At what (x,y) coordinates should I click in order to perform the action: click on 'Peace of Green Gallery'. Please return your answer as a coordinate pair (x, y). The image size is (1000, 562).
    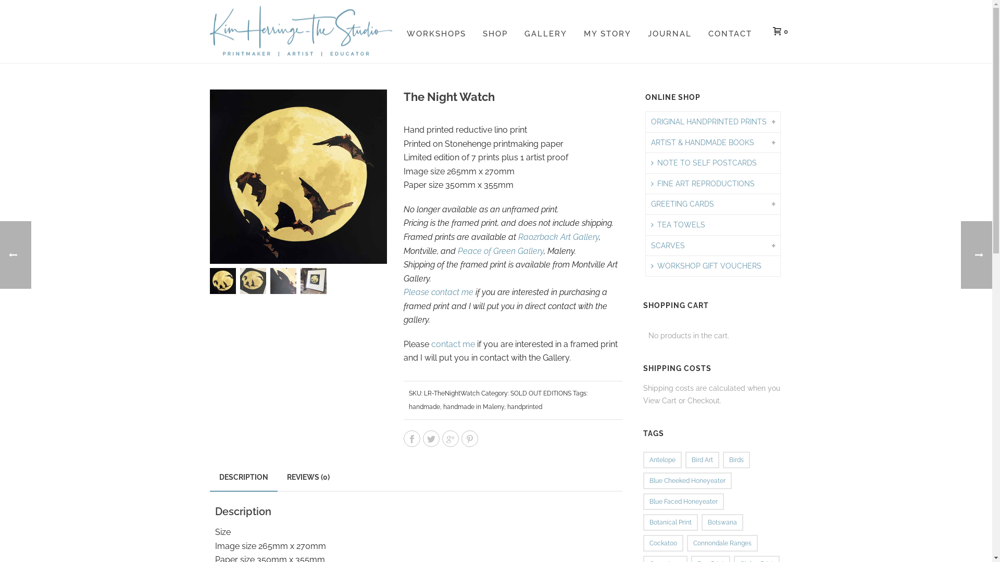
    Looking at the image, I should click on (457, 251).